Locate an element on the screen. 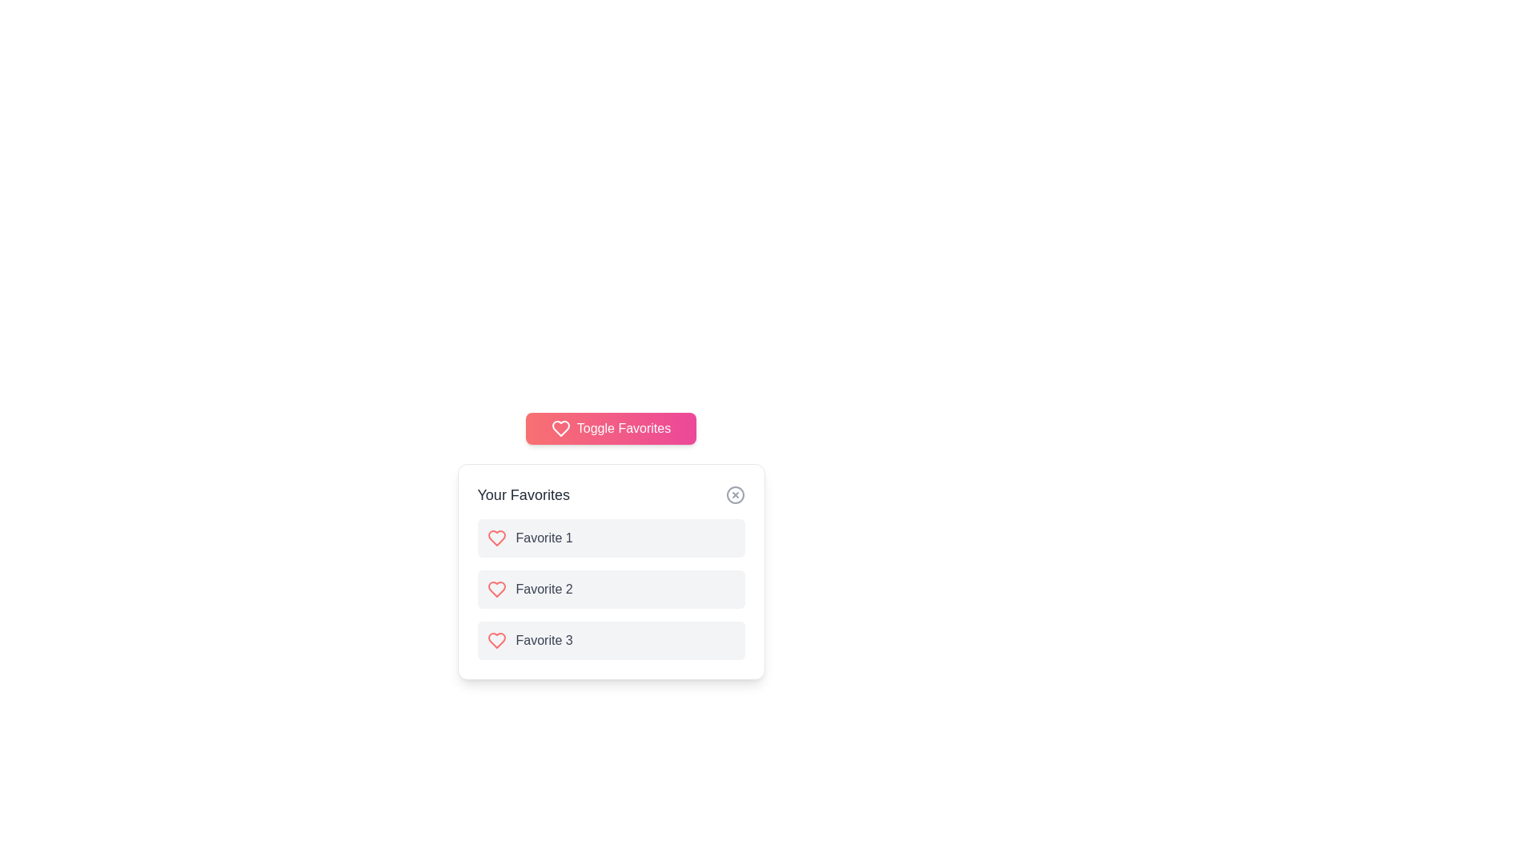 The width and height of the screenshot is (1537, 864). the 'Toggle Favorites' button is located at coordinates (610, 428).